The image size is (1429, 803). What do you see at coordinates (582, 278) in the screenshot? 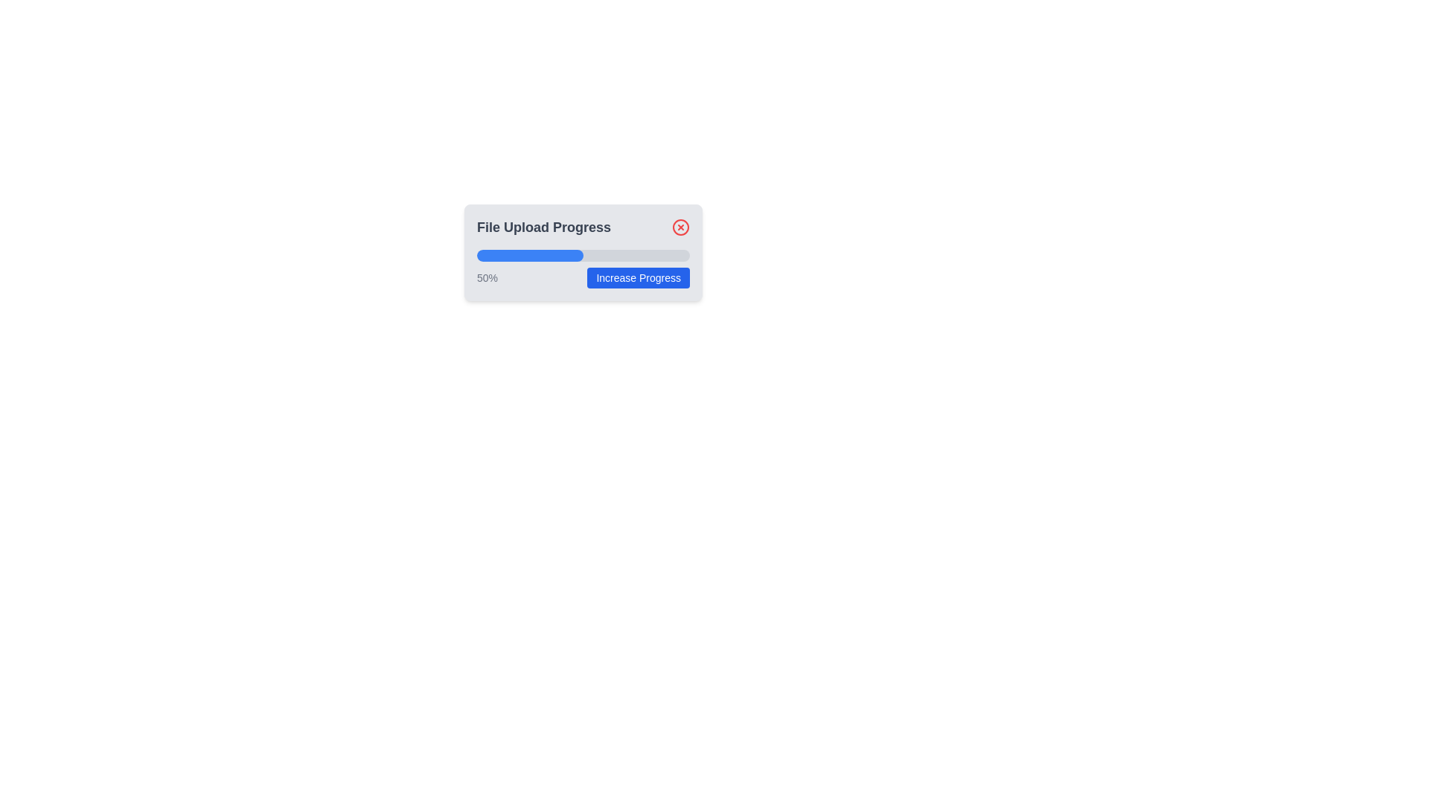
I see `the 'Increase Progress' button located to the right of the '50%' text in the composite progress element under 'File Upload Progress'` at bounding box center [582, 278].